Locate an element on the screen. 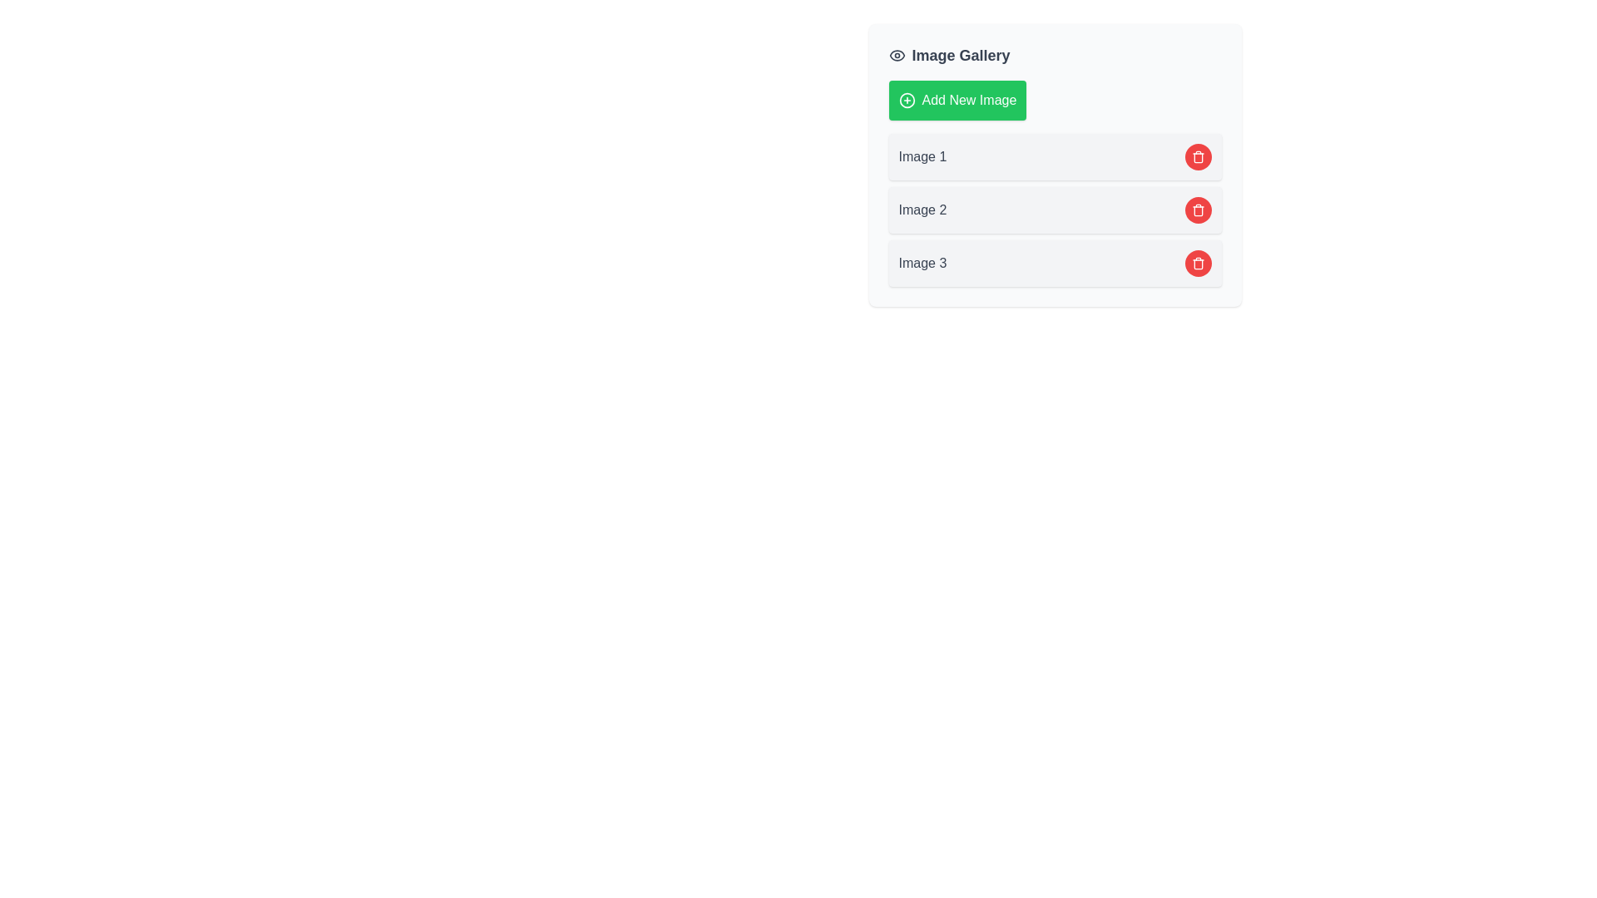 The image size is (1597, 898). the circular red button with a trash can icon, located to the right of 'Image 1' is located at coordinates (1198, 157).